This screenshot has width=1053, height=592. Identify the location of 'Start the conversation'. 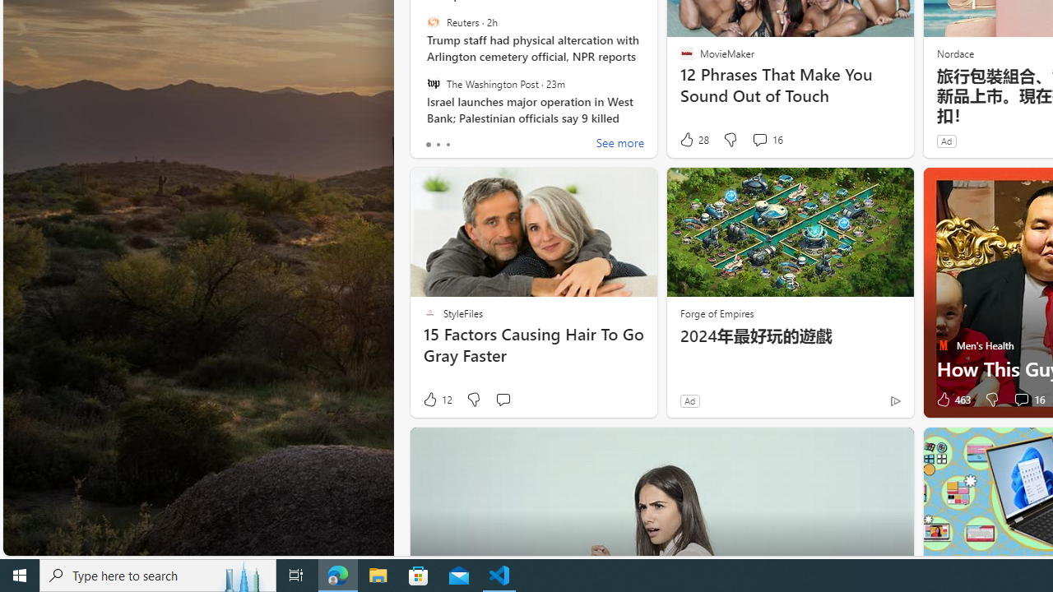
(502, 400).